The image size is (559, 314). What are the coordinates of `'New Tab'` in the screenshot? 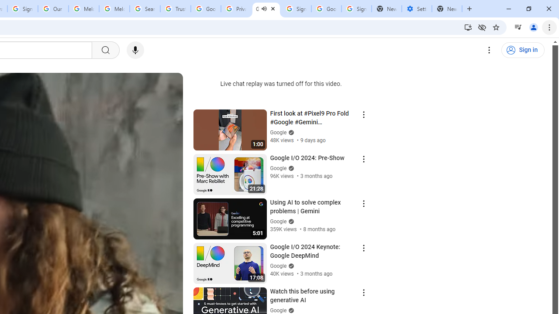 It's located at (447, 9).